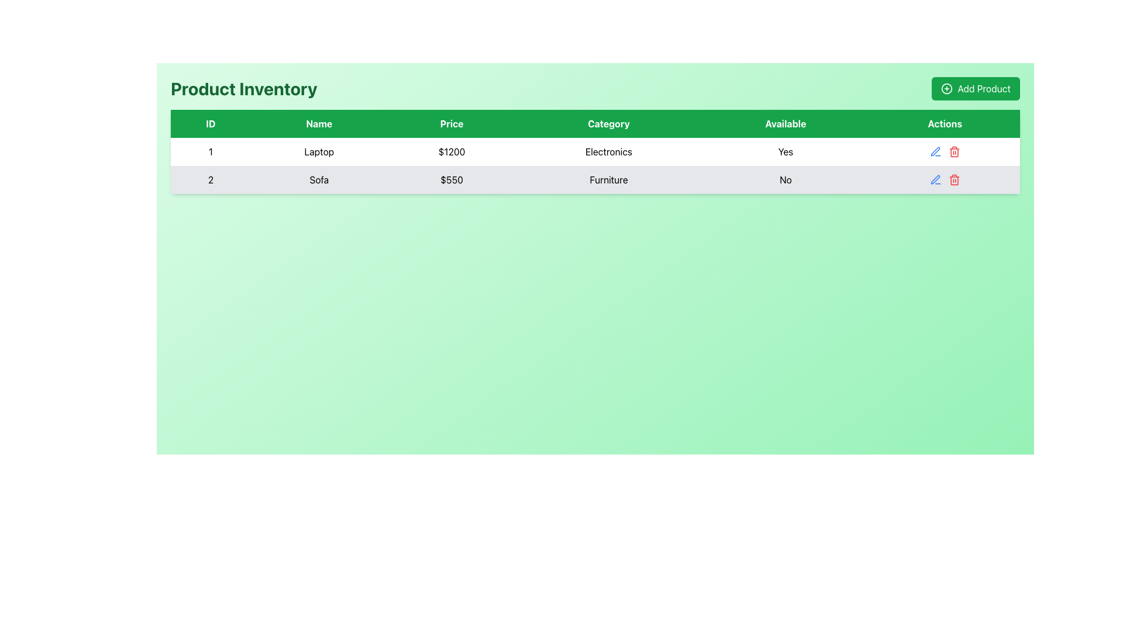 The width and height of the screenshot is (1123, 631). I want to click on the delete icon in the last cell of the second row of the table under the 'Actions' column, so click(945, 180).